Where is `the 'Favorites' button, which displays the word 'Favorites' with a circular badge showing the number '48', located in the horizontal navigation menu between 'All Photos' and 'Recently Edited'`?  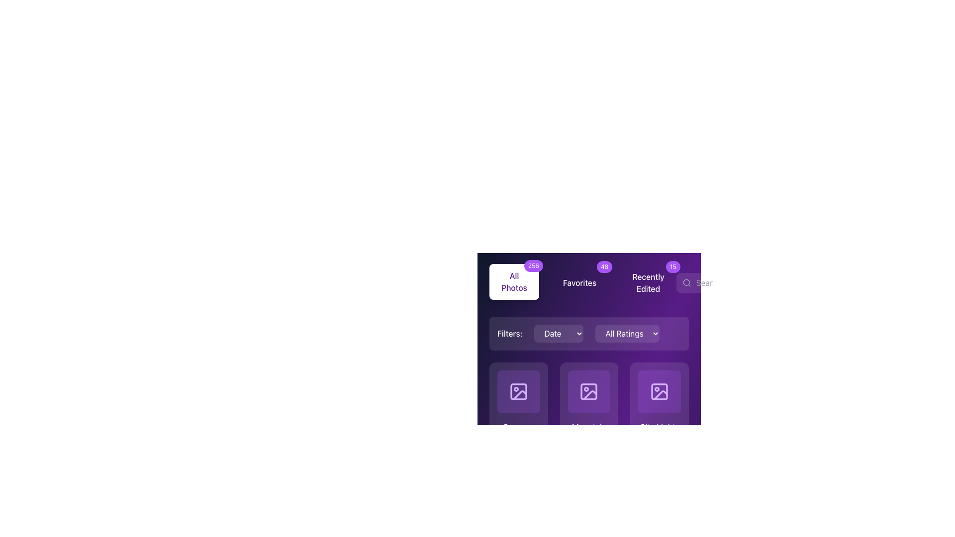
the 'Favorites' button, which displays the word 'Favorites' with a circular badge showing the number '48', located in the horizontal navigation menu between 'All Photos' and 'Recently Edited' is located at coordinates (589, 283).